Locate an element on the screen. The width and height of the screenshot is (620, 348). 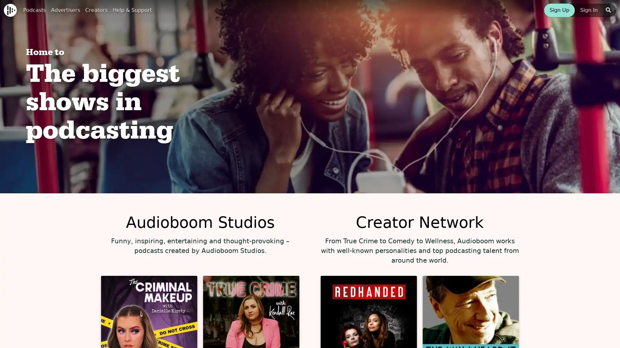
Open search form is located at coordinates (608, 10).